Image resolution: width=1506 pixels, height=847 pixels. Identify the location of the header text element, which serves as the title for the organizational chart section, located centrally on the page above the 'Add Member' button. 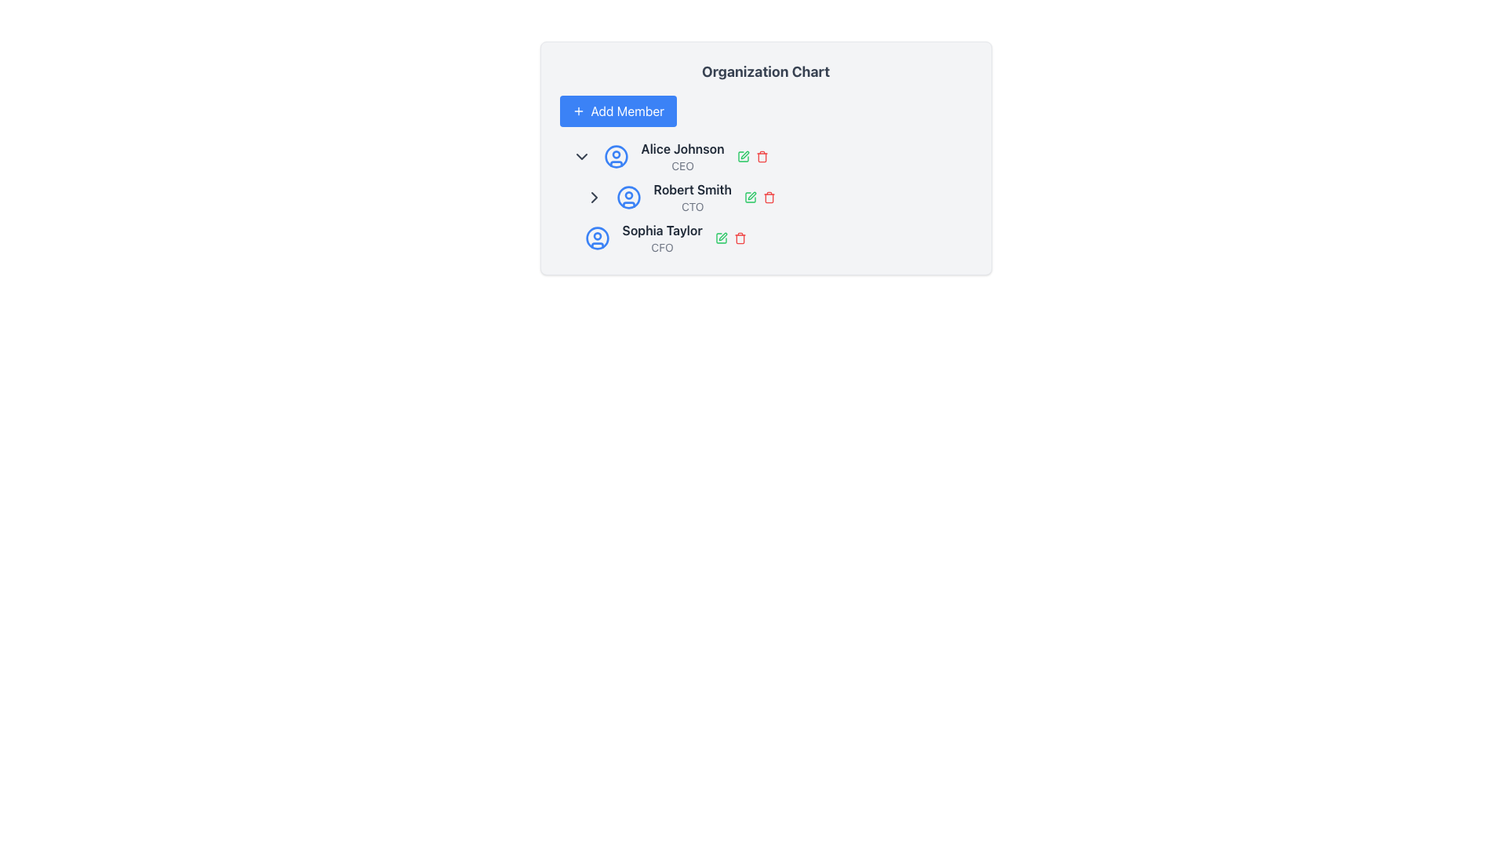
(766, 72).